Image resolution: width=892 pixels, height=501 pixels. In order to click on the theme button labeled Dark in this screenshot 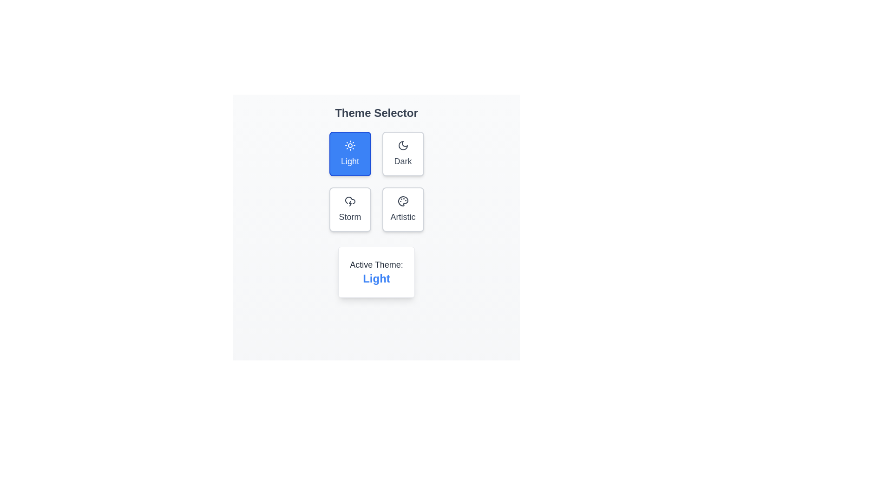, I will do `click(403, 153)`.